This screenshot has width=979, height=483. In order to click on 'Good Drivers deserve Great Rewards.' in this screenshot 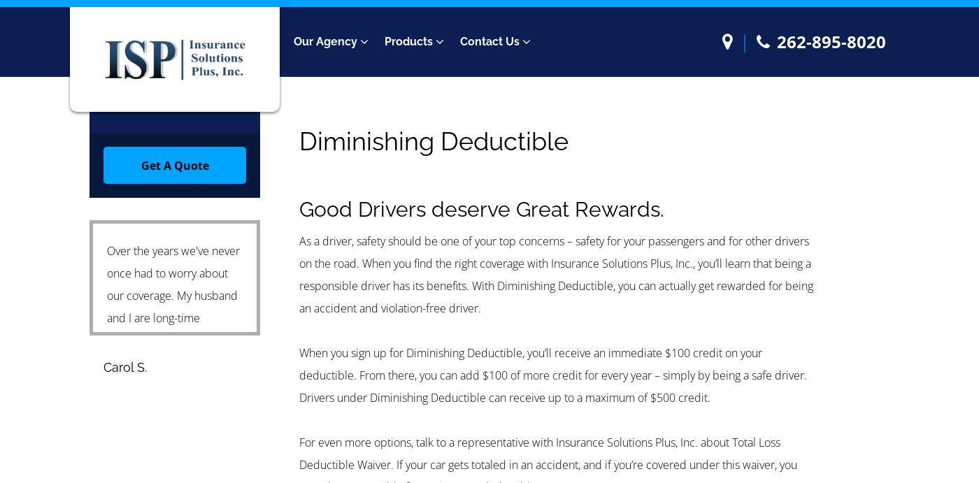, I will do `click(481, 208)`.